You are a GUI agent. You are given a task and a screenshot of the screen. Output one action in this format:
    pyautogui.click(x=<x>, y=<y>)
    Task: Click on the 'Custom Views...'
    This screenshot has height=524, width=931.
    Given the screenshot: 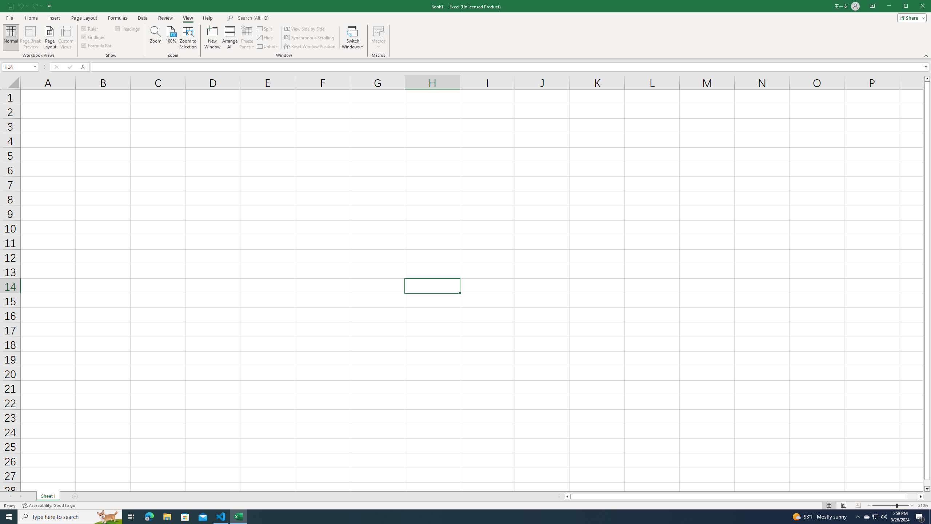 What is the action you would take?
    pyautogui.click(x=65, y=37)
    